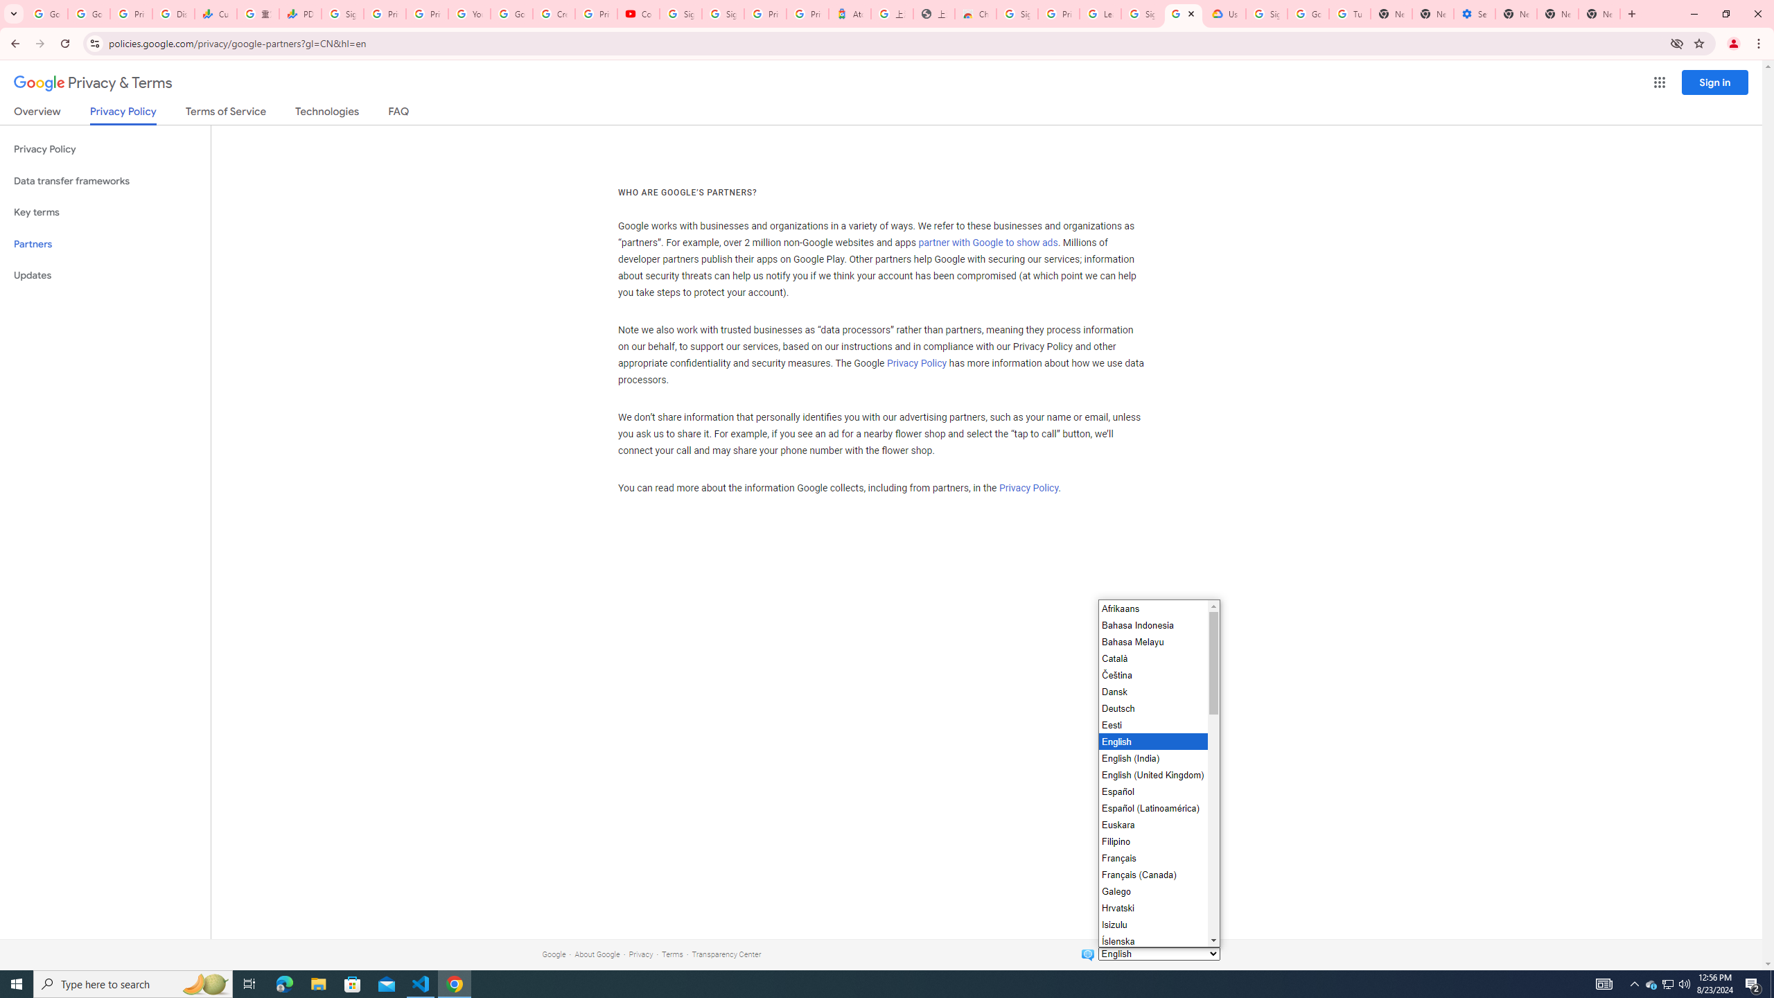  I want to click on 'Afrikaans', so click(1152, 608).